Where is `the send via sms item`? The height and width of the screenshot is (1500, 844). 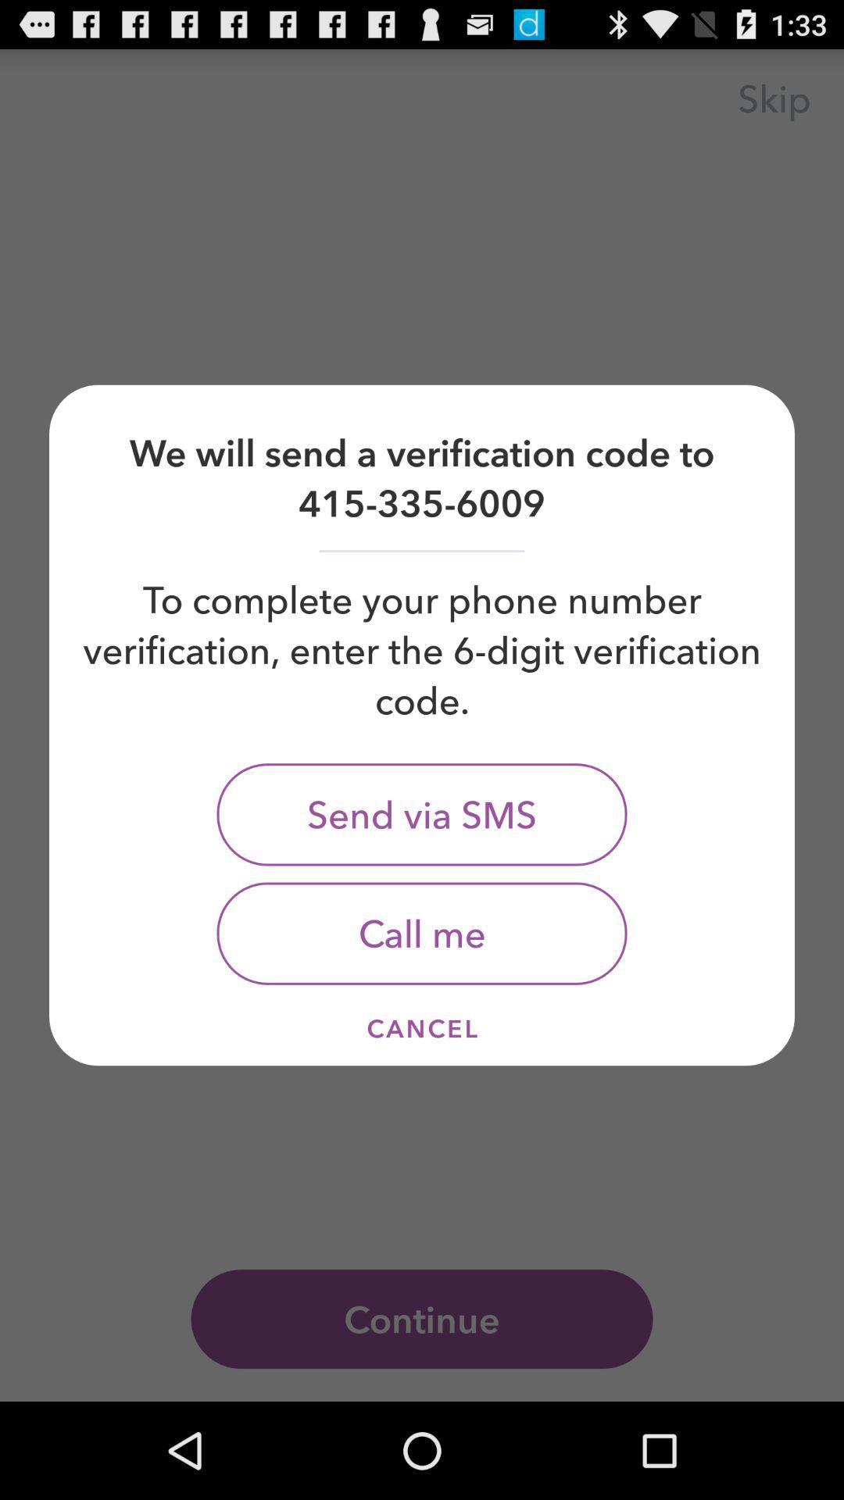
the send via sms item is located at coordinates (422, 813).